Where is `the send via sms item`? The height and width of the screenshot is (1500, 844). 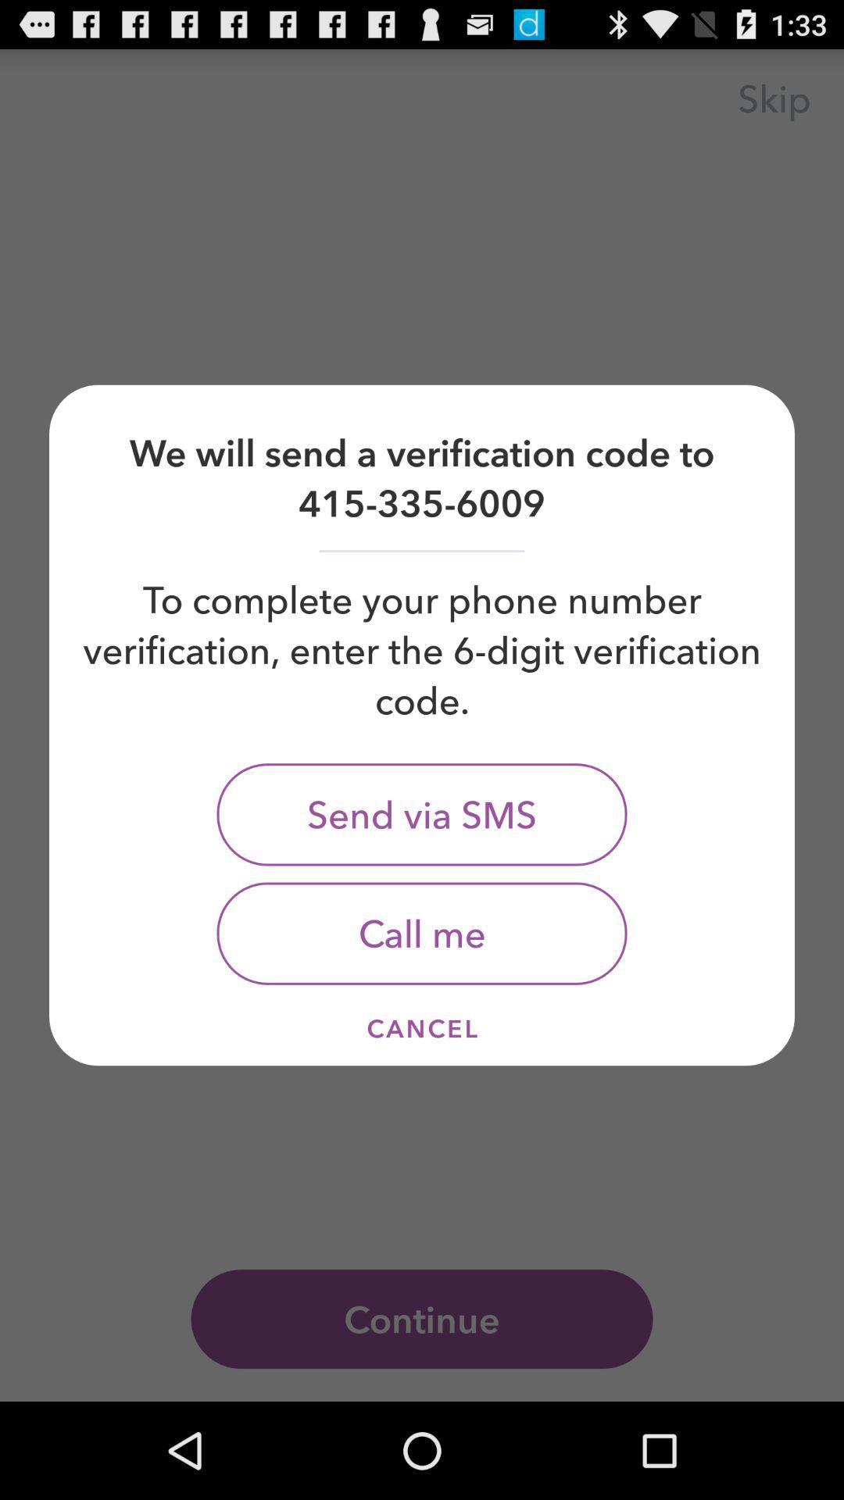
the send via sms item is located at coordinates (422, 813).